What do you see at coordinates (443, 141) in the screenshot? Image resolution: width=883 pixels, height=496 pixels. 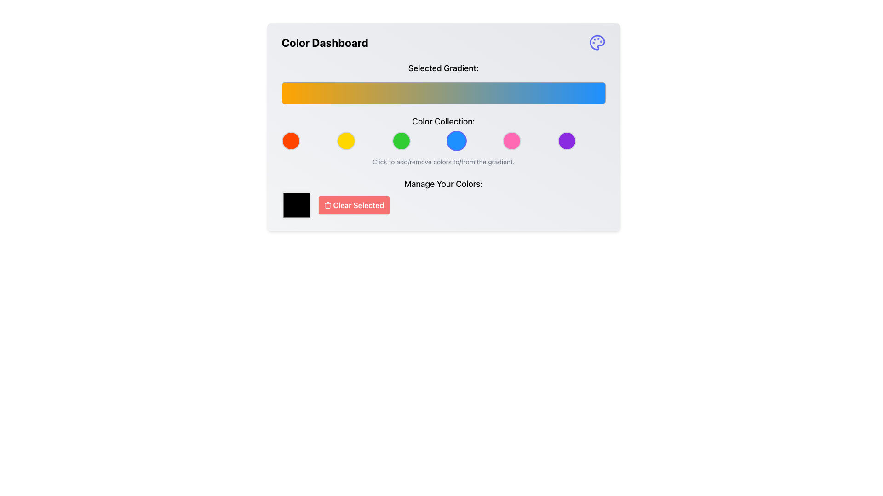 I see `one of the six circular color swatches in the 'Color Collection:' section` at bounding box center [443, 141].